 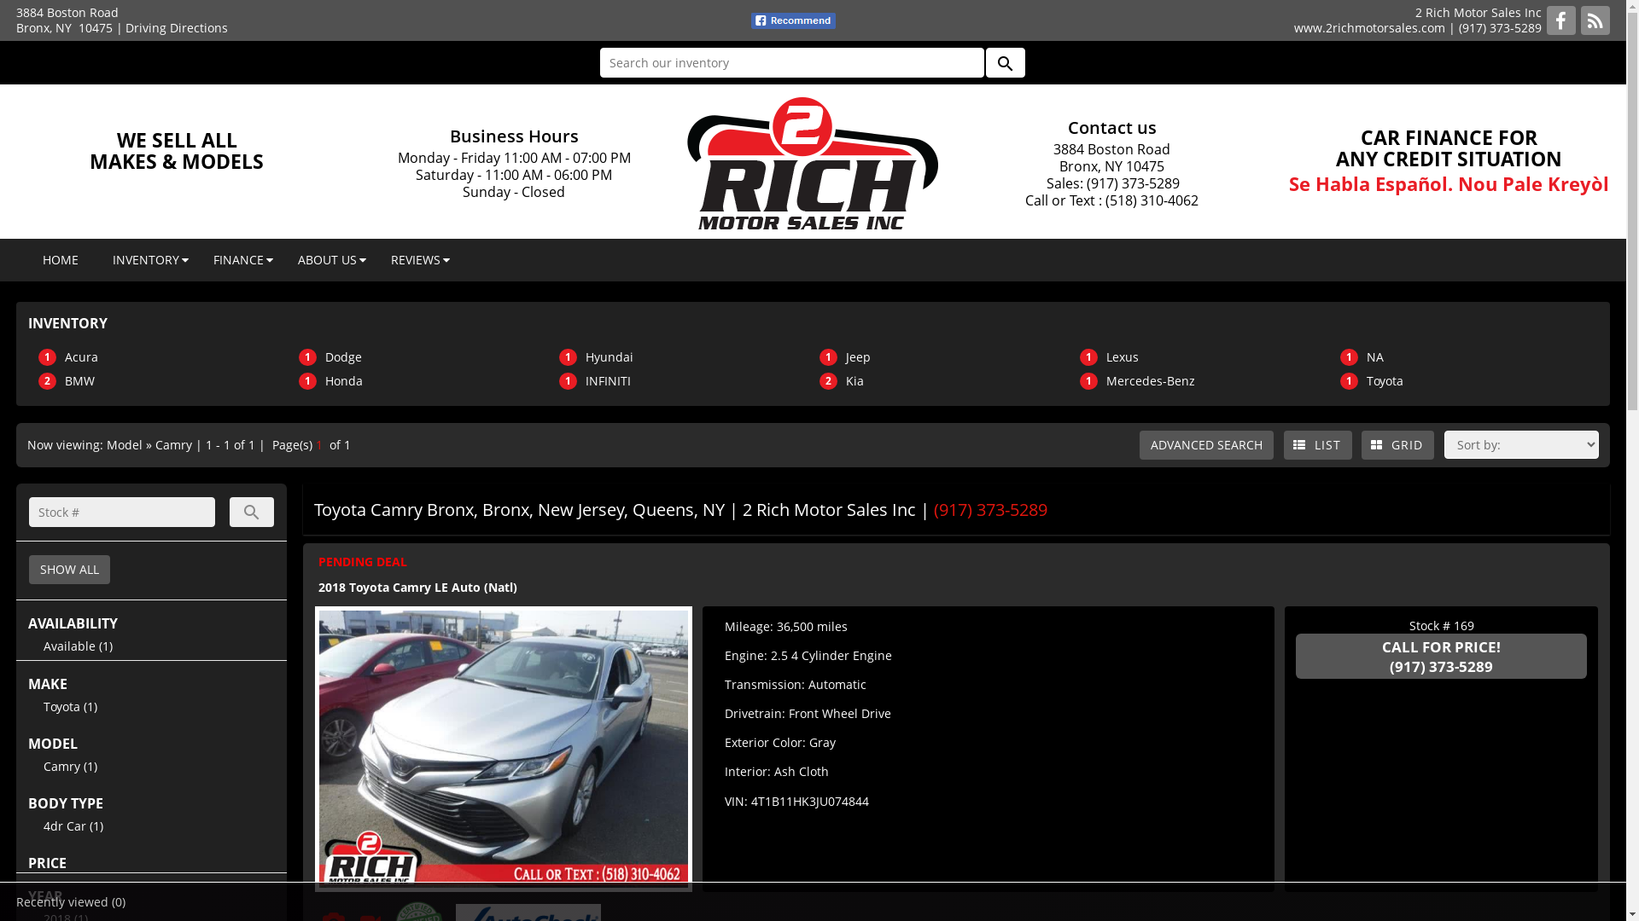 I want to click on 'Toyota (1)', so click(x=69, y=706).